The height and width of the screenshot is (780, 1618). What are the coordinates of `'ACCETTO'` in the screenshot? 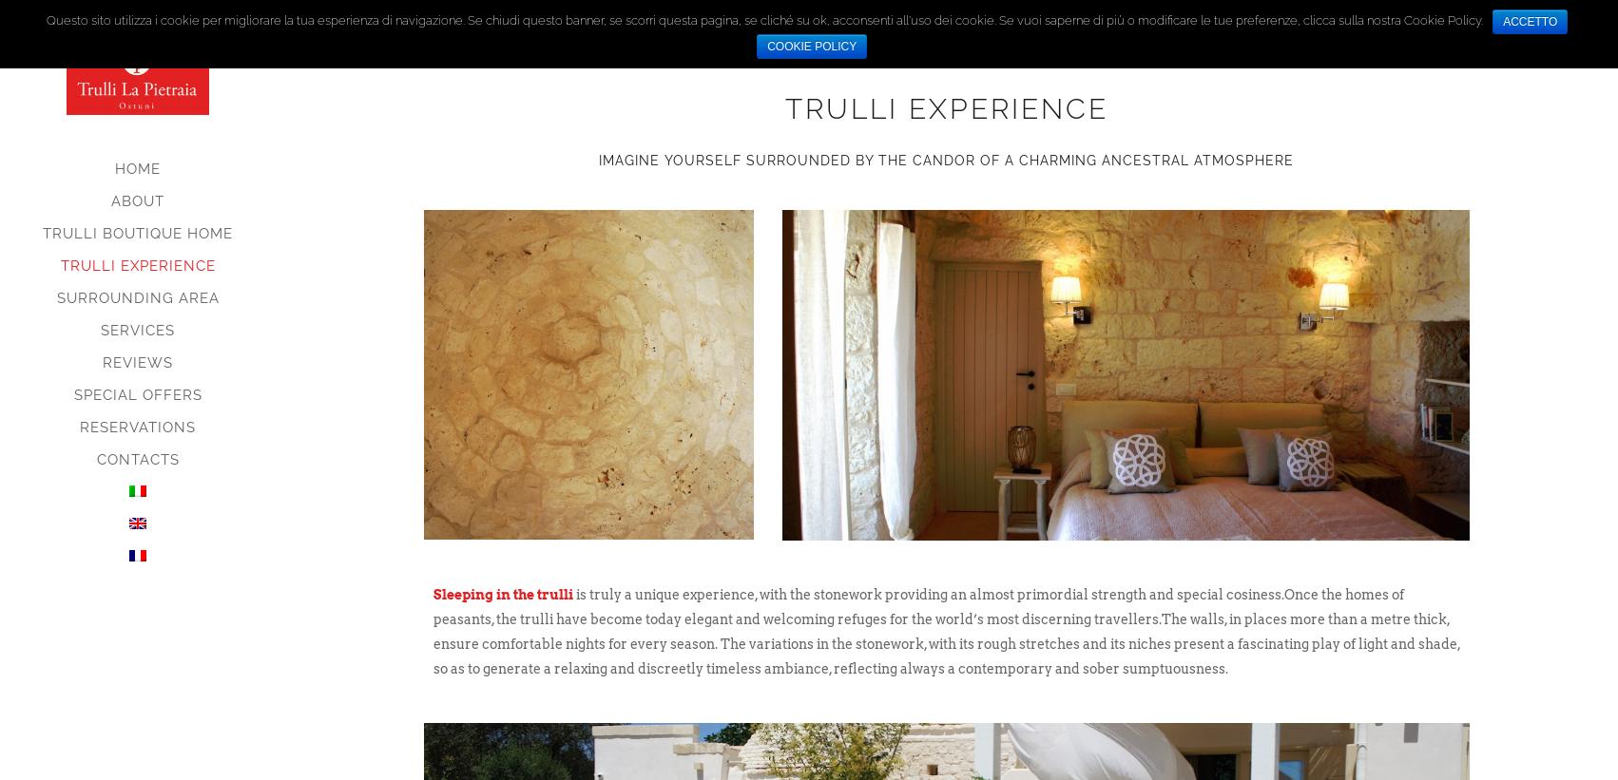 It's located at (1529, 20).